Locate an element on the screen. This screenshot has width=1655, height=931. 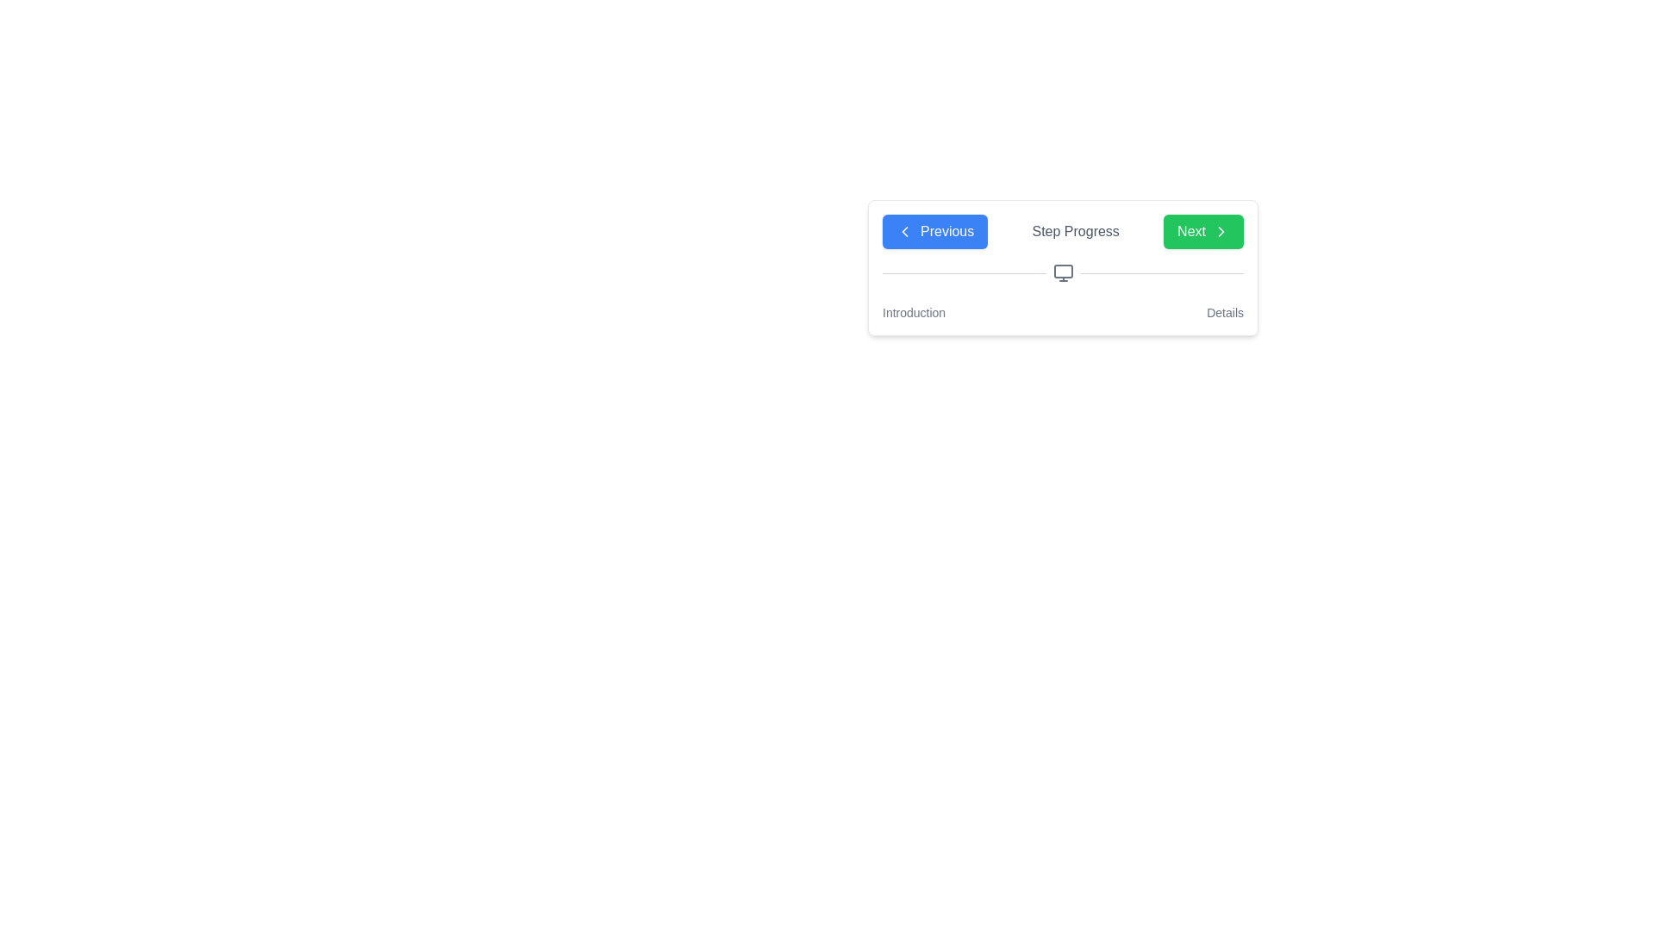
the static text label displaying 'Step Progress', which is positioned centrally between the 'Previous' and 'Next' buttons is located at coordinates (1075, 231).